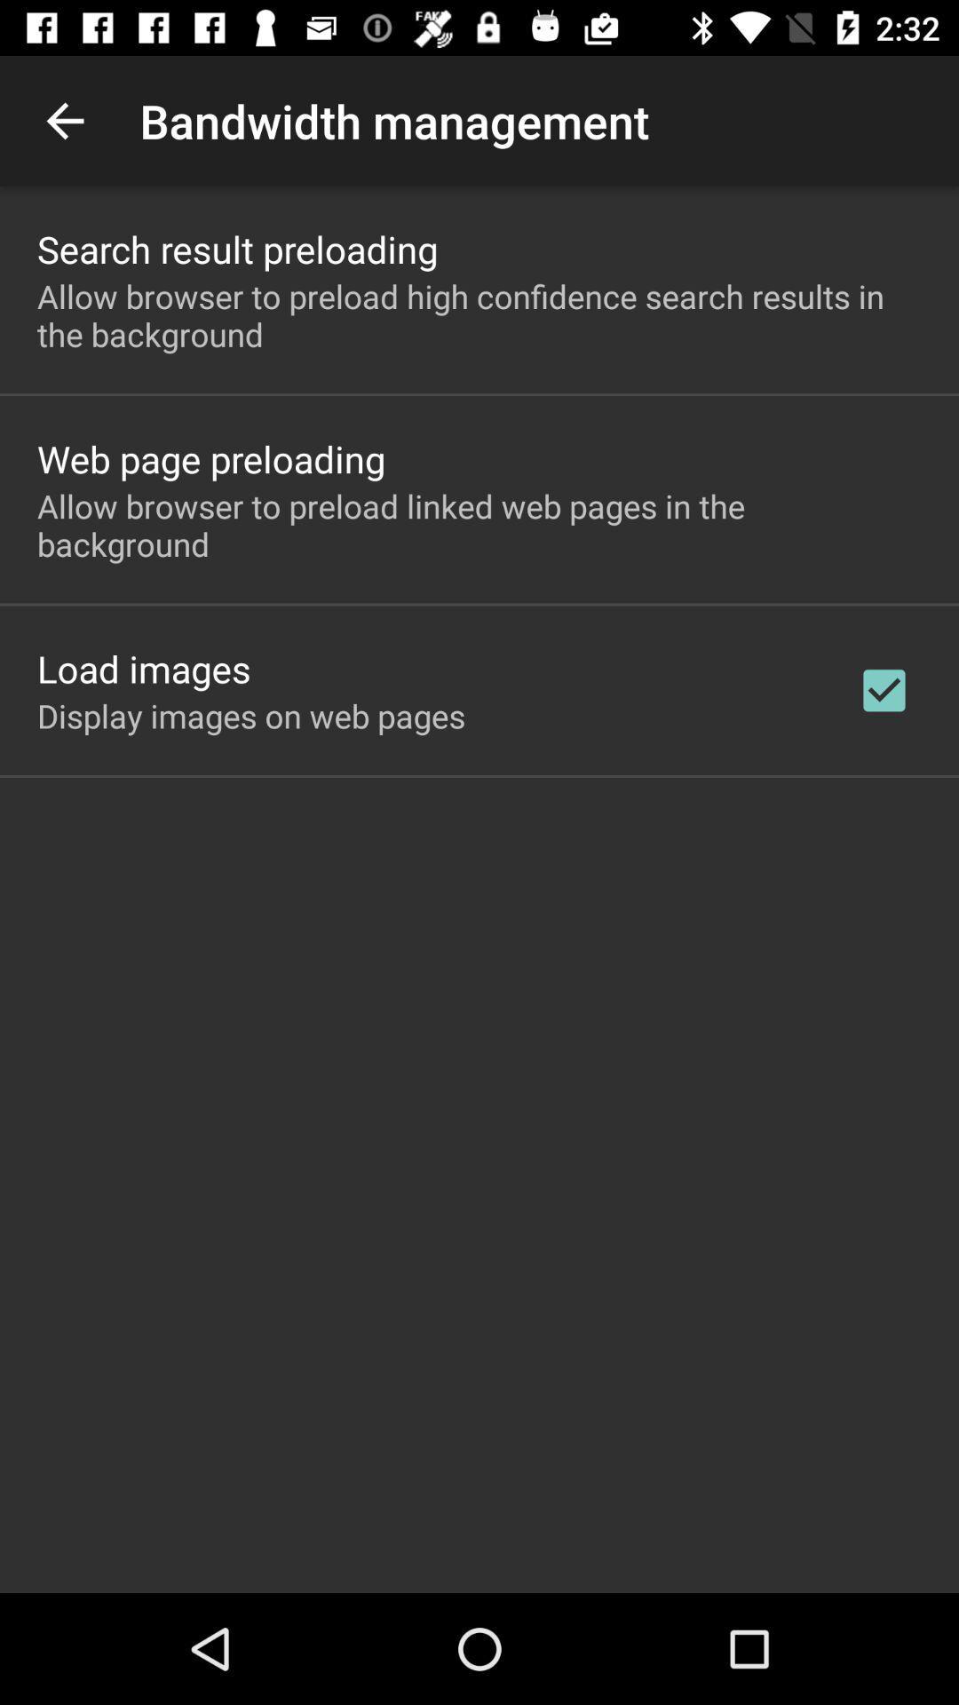 This screenshot has width=959, height=1705. Describe the element at coordinates (143, 668) in the screenshot. I see `the item above the display images on` at that location.